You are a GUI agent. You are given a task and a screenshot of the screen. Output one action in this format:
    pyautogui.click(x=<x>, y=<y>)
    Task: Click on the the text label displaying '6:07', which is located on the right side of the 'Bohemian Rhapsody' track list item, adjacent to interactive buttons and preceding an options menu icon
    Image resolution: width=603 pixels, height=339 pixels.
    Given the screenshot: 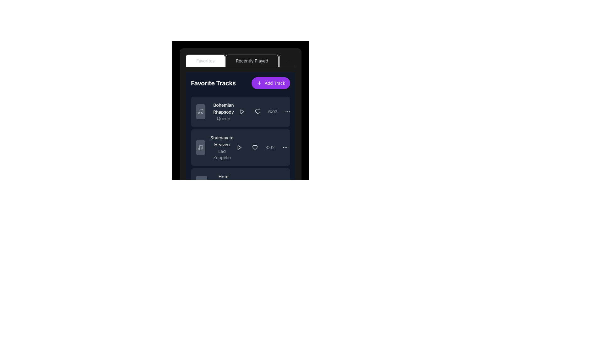 What is the action you would take?
    pyautogui.click(x=273, y=111)
    